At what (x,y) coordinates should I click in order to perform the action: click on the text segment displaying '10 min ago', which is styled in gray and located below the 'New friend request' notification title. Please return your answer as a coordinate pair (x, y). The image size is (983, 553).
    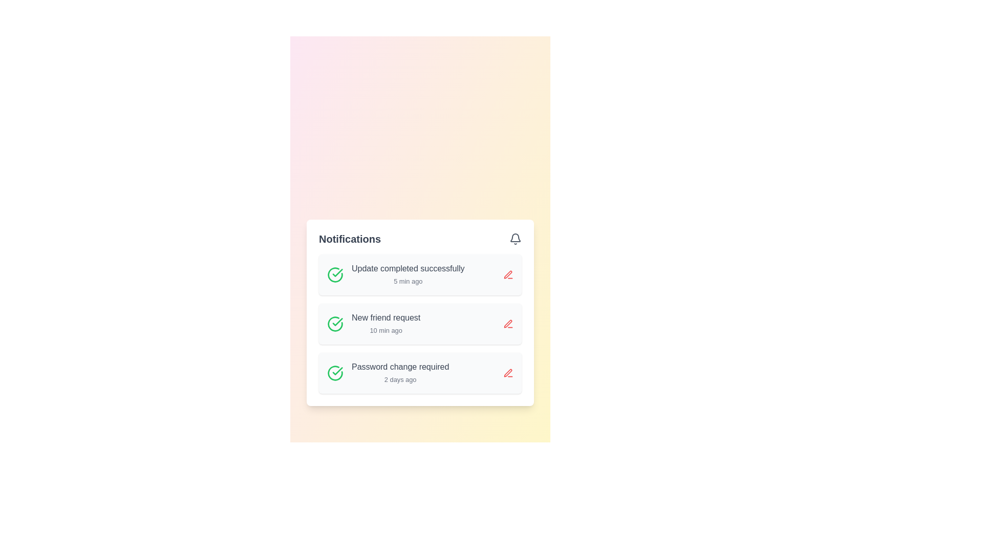
    Looking at the image, I should click on (386, 330).